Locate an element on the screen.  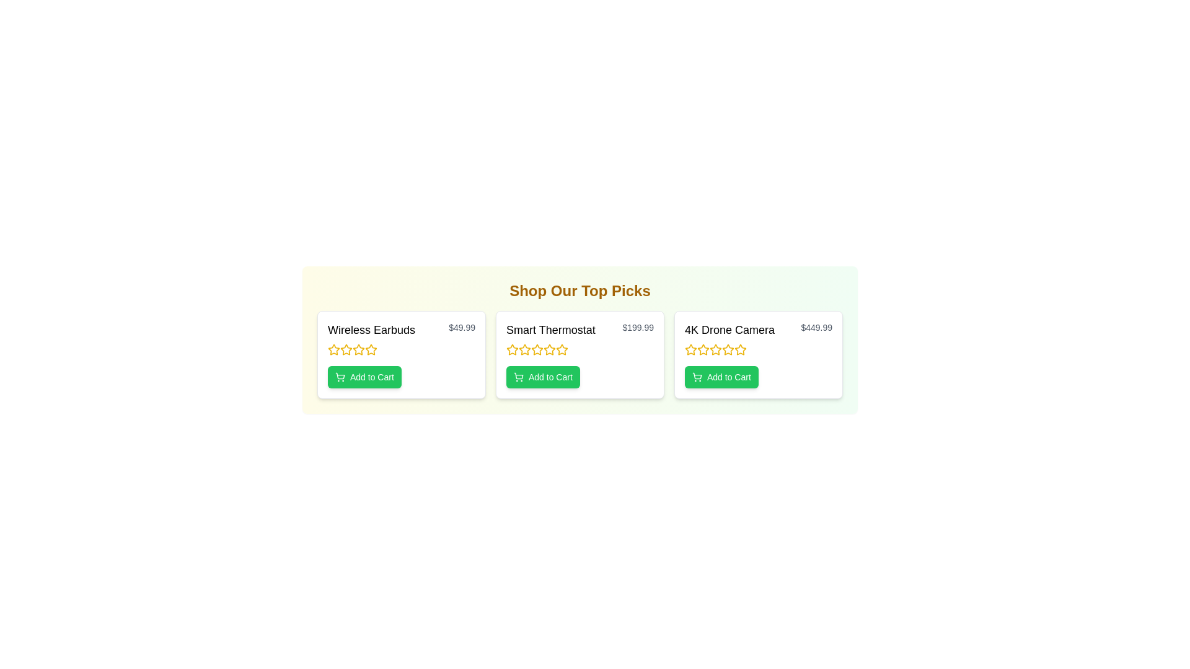
the 'Add to Cart' button for the product 4K Drone Camera is located at coordinates (721, 377).